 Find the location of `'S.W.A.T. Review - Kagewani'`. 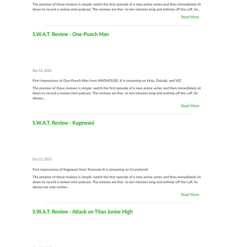

'S.W.A.T. Review - Kagewani' is located at coordinates (63, 123).